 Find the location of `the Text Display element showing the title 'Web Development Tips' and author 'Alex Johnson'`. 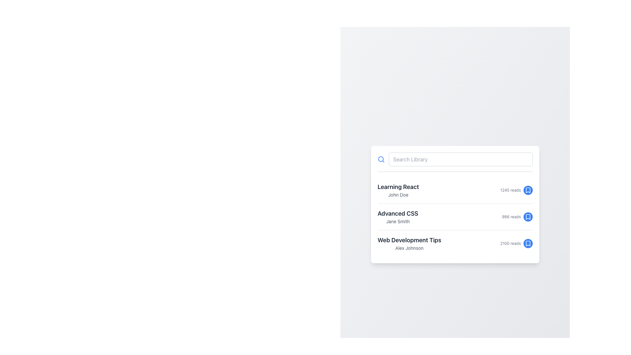

the Text Display element showing the title 'Web Development Tips' and author 'Alex Johnson' is located at coordinates (409, 243).